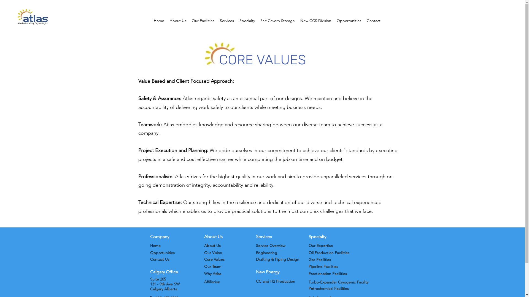  I want to click on 'CC and H2 Production', so click(275, 281).